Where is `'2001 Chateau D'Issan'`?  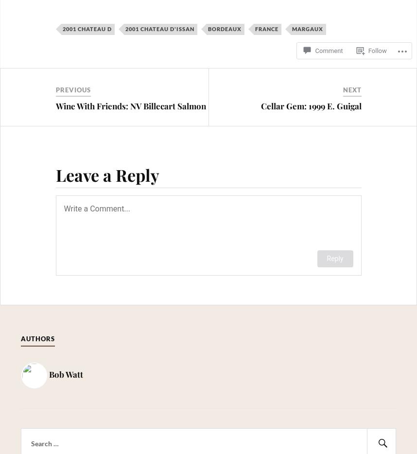 '2001 Chateau D'Issan' is located at coordinates (159, 29).